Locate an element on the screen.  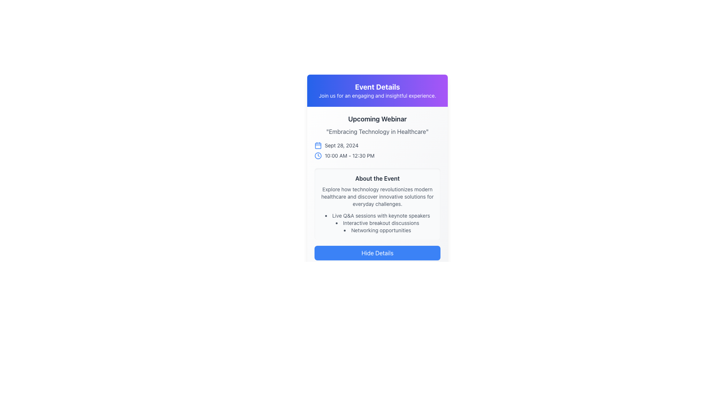
the calendar icon component located to the left of the text 'Sept 28, 2024', below the title 'Upcoming Webinar' is located at coordinates (318, 145).